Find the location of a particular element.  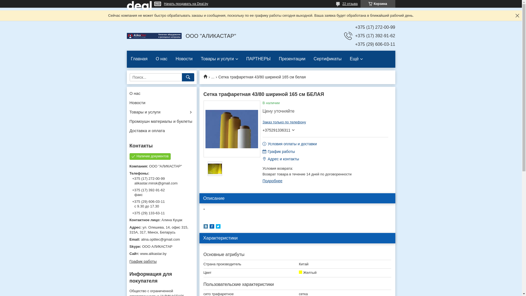

'twitter' is located at coordinates (218, 227).